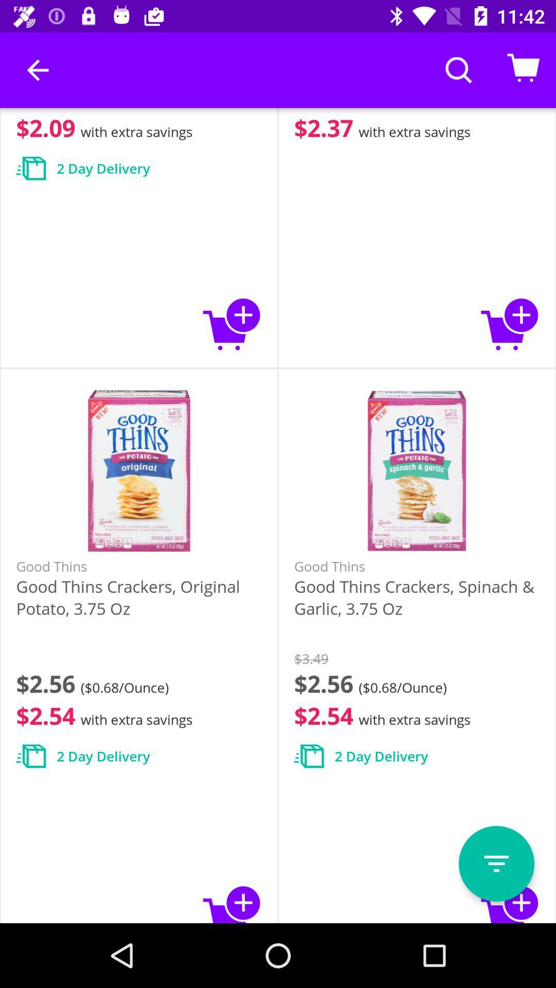 This screenshot has height=988, width=556. What do you see at coordinates (510, 902) in the screenshot?
I see `to basket` at bounding box center [510, 902].